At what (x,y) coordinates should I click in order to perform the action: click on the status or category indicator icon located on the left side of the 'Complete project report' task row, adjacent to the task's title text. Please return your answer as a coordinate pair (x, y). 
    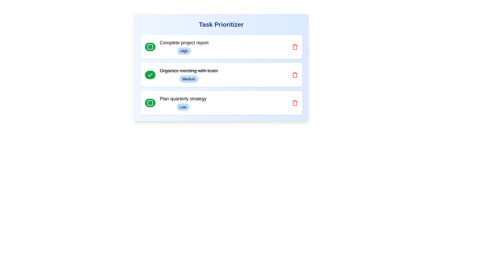
    Looking at the image, I should click on (150, 47).